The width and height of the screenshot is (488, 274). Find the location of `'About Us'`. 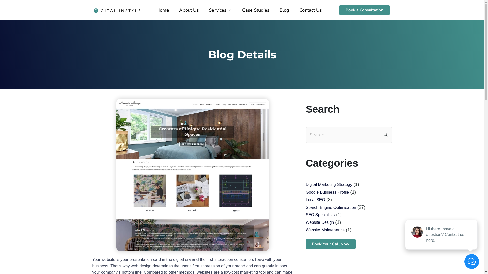

'About Us' is located at coordinates (189, 10).